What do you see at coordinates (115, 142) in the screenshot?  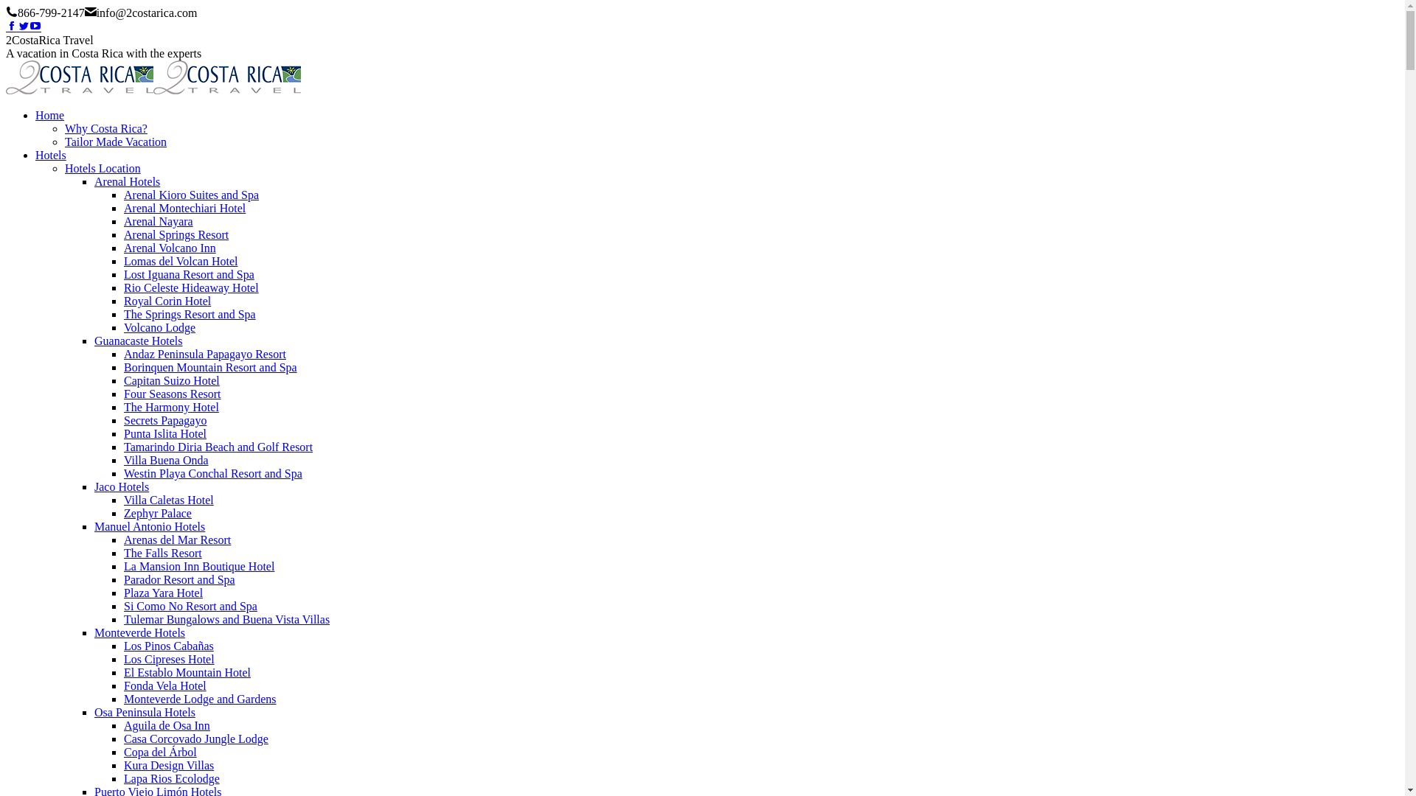 I see `'Tailor Made Vacation'` at bounding box center [115, 142].